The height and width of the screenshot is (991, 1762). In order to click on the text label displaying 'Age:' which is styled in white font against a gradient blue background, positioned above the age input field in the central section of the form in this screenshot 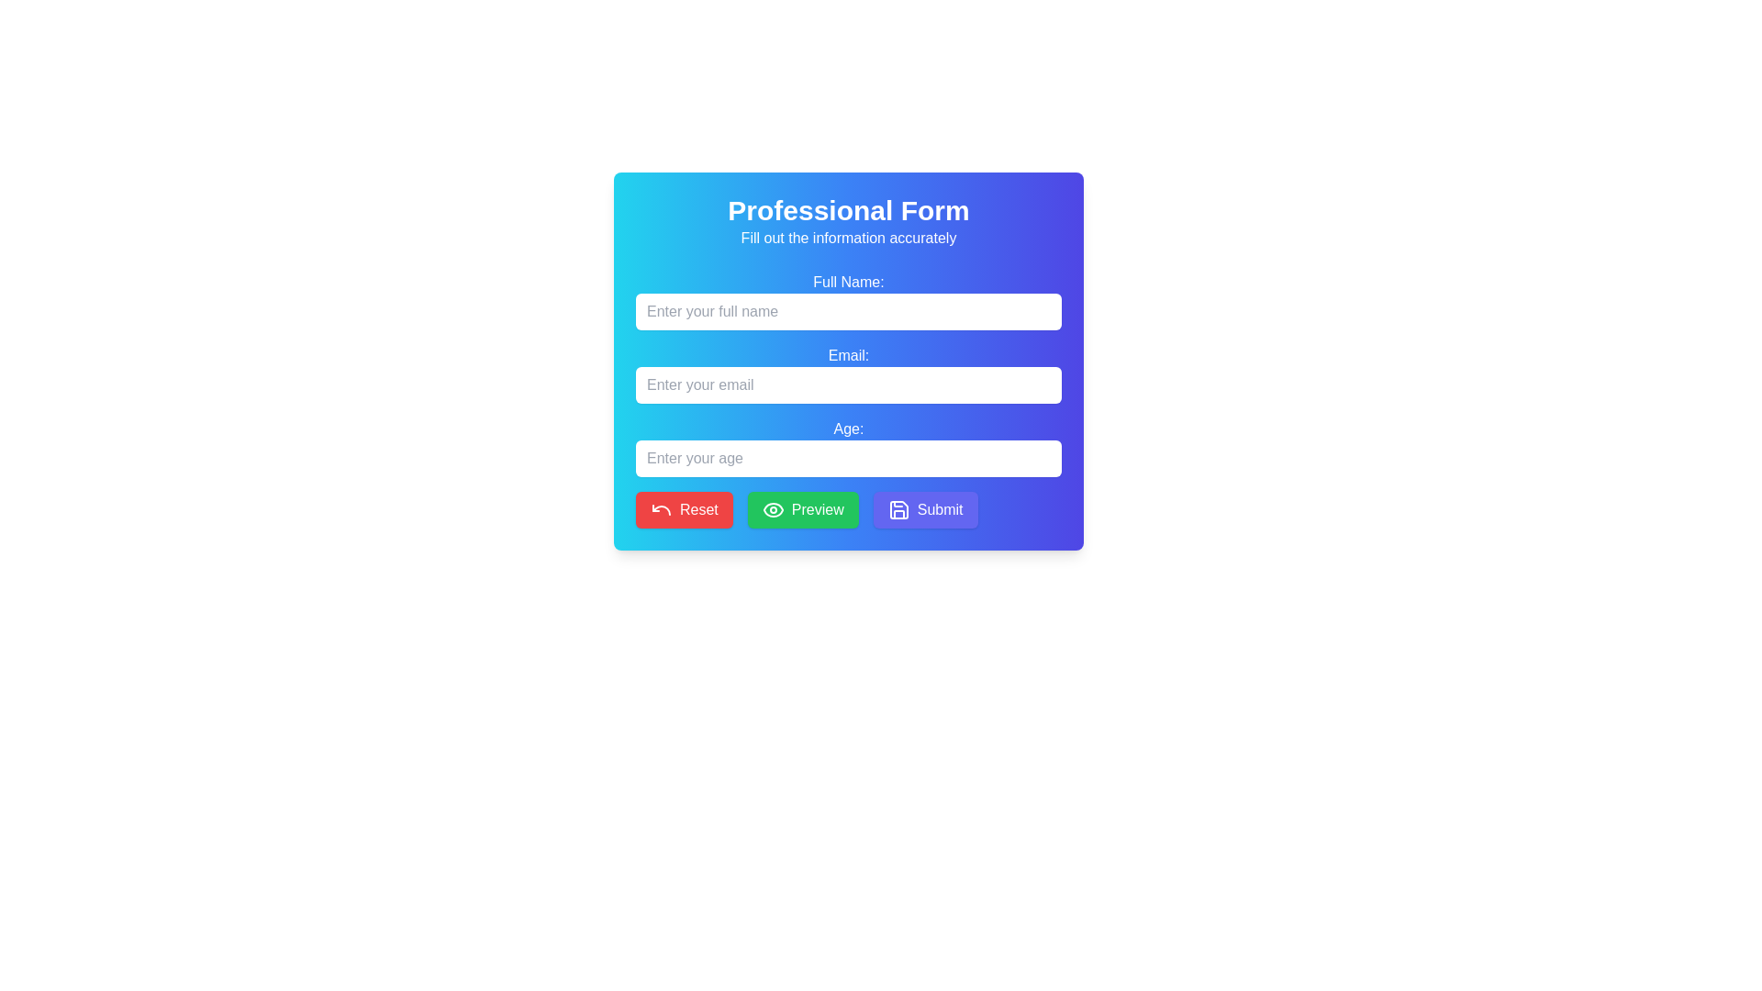, I will do `click(848, 429)`.